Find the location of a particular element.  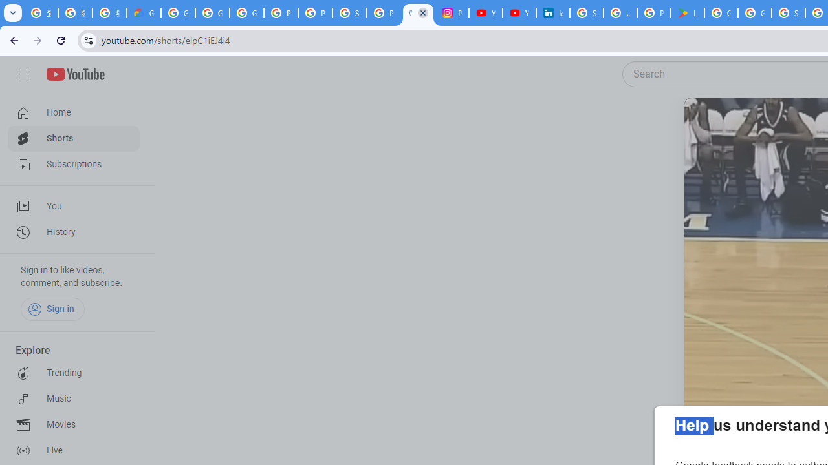

'Google Workspace - Specific Terms' is located at coordinates (754, 13).